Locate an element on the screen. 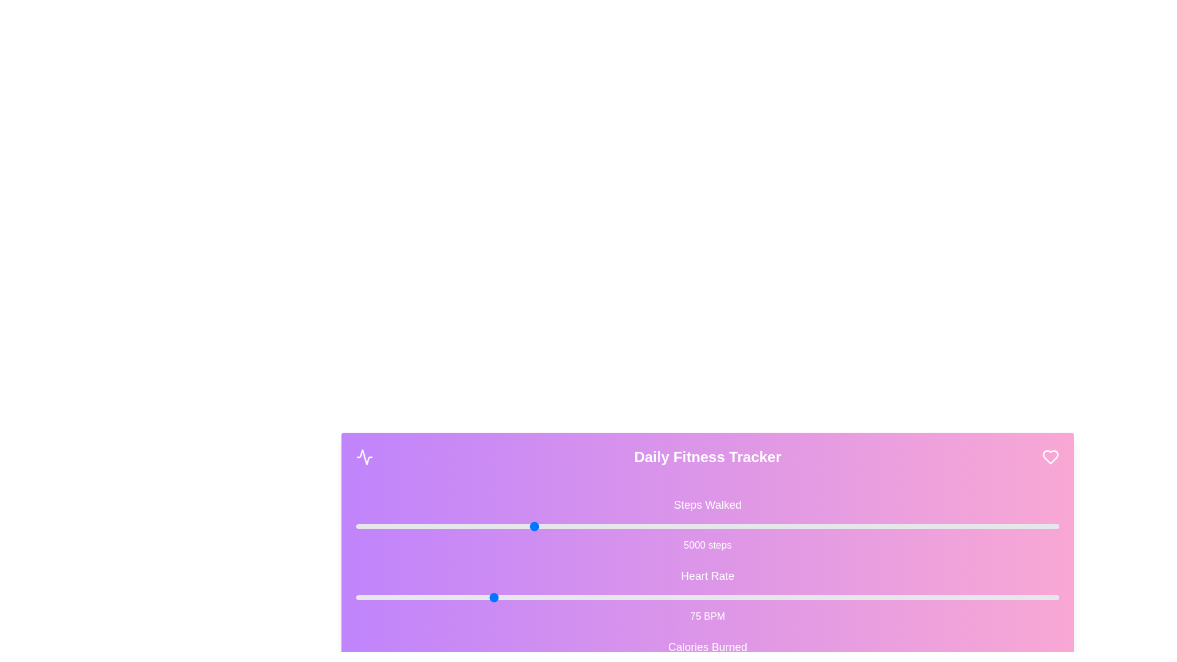  the 'Steps Walked' slider to set its value to 13871 is located at coordinates (843, 526).